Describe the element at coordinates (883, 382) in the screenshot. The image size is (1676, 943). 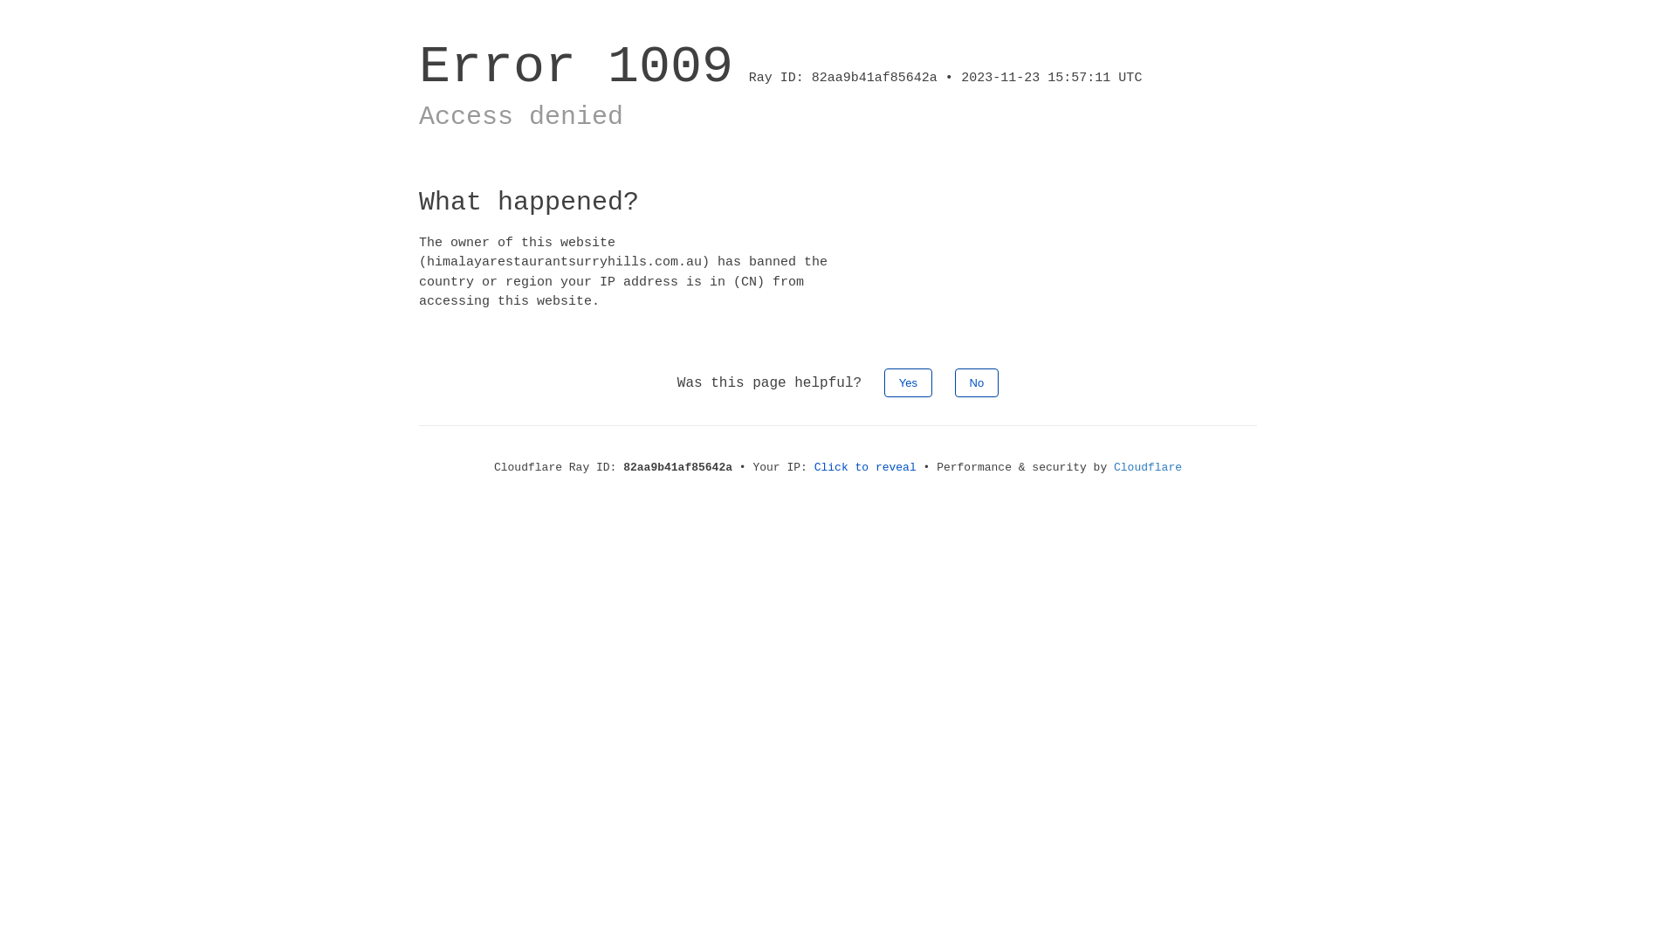
I see `'Yes'` at that location.